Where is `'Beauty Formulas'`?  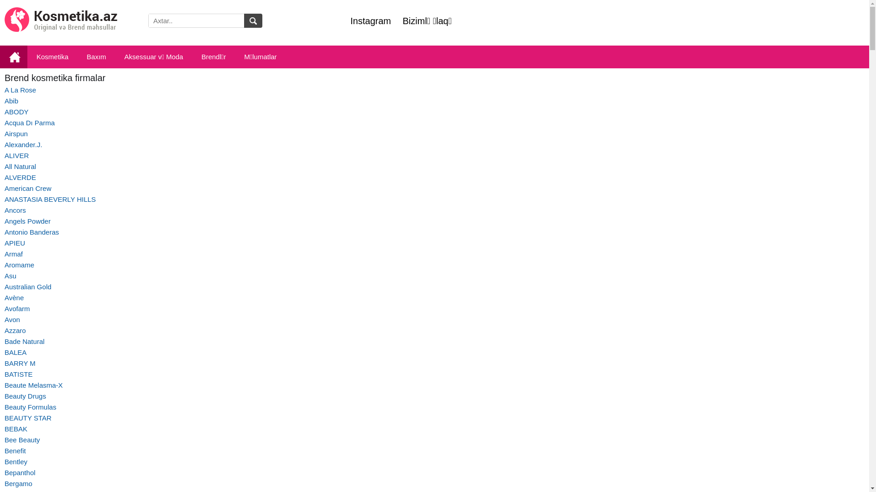
'Beauty Formulas' is located at coordinates (30, 406).